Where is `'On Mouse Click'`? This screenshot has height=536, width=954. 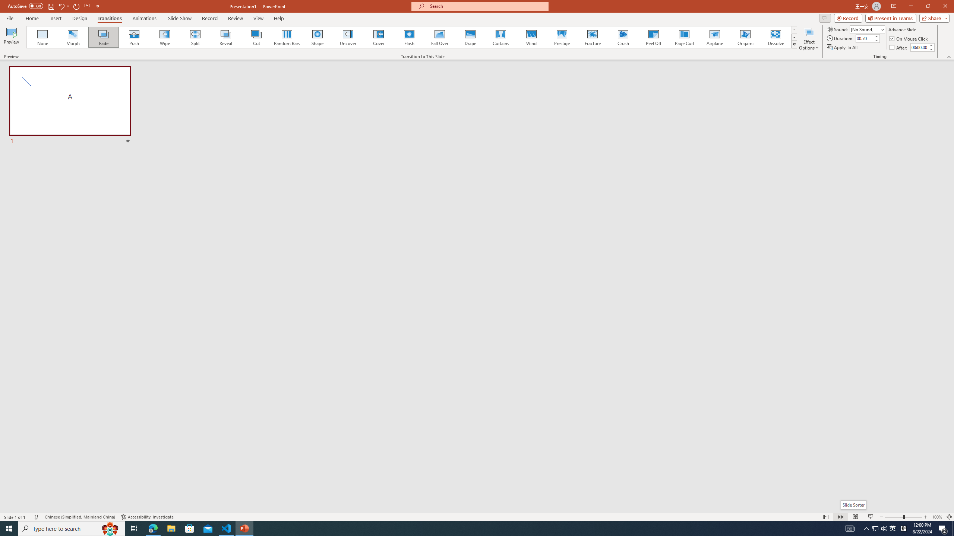 'On Mouse Click' is located at coordinates (909, 38).